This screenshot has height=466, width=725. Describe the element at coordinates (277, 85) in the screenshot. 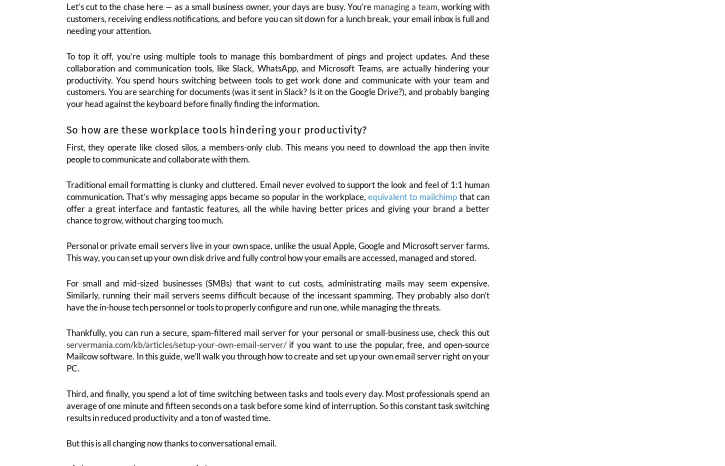

I see `'To top it off, you’re using multiple tools to manage this bombardment of pings and project updates. And these collaboration and communication tools, like Slack, WhatsApp, and Microsoft Teams, are actually hindering your productivity. You spend hours switching between tools to get work done and communicate with your team and customers. You are searching for documents (was it sent in Slack? Is it on the Google Drive?), and probably banging your head against the keyboard before finally finding the information.'` at that location.